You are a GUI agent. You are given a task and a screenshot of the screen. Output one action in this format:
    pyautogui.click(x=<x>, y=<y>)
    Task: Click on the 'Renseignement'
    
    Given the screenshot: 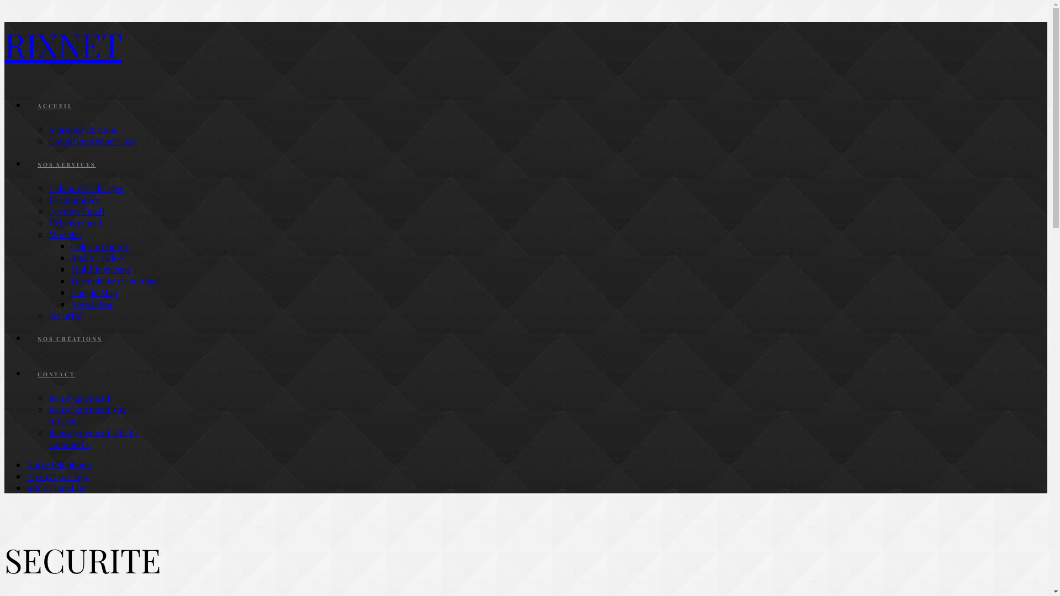 What is the action you would take?
    pyautogui.click(x=79, y=397)
    